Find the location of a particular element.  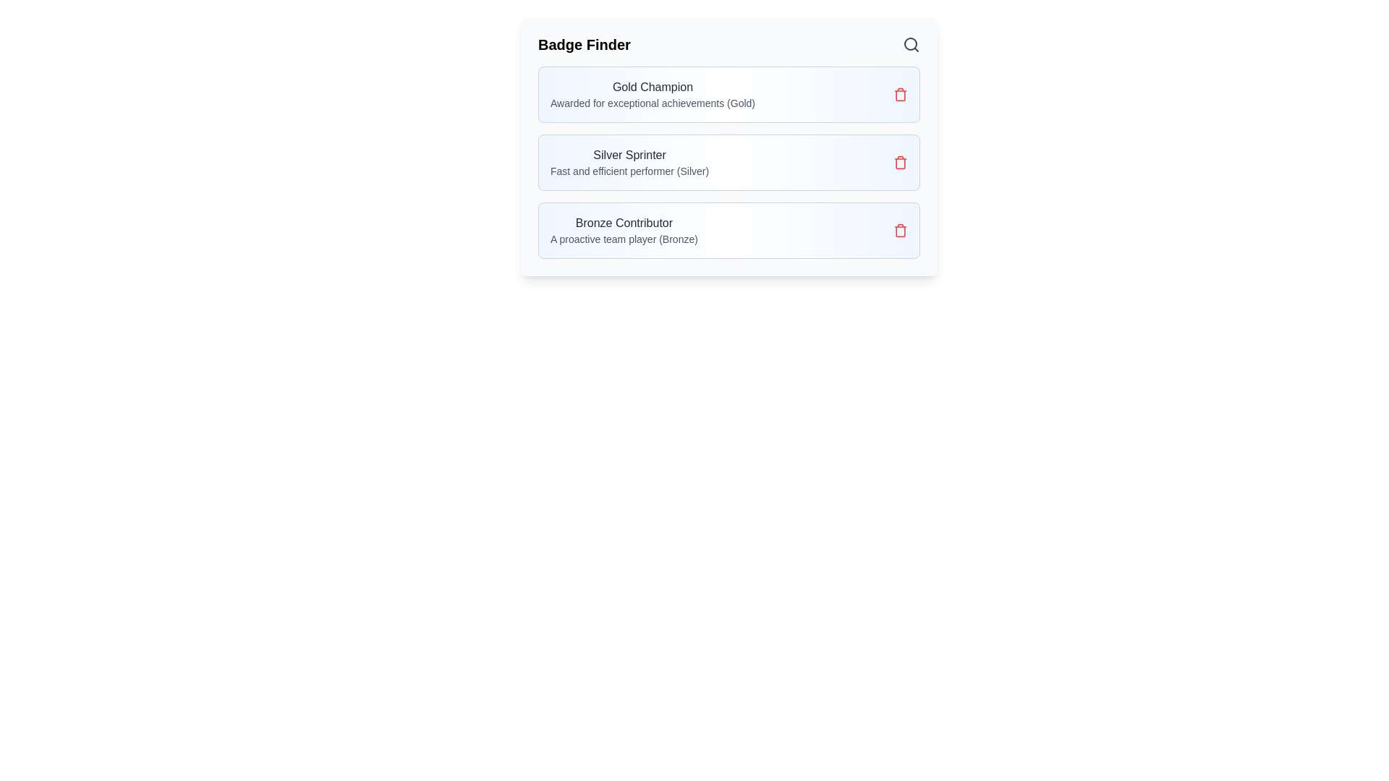

the trash bin icon button representing the delete action for the 'Gold Champion' item is located at coordinates (899, 95).